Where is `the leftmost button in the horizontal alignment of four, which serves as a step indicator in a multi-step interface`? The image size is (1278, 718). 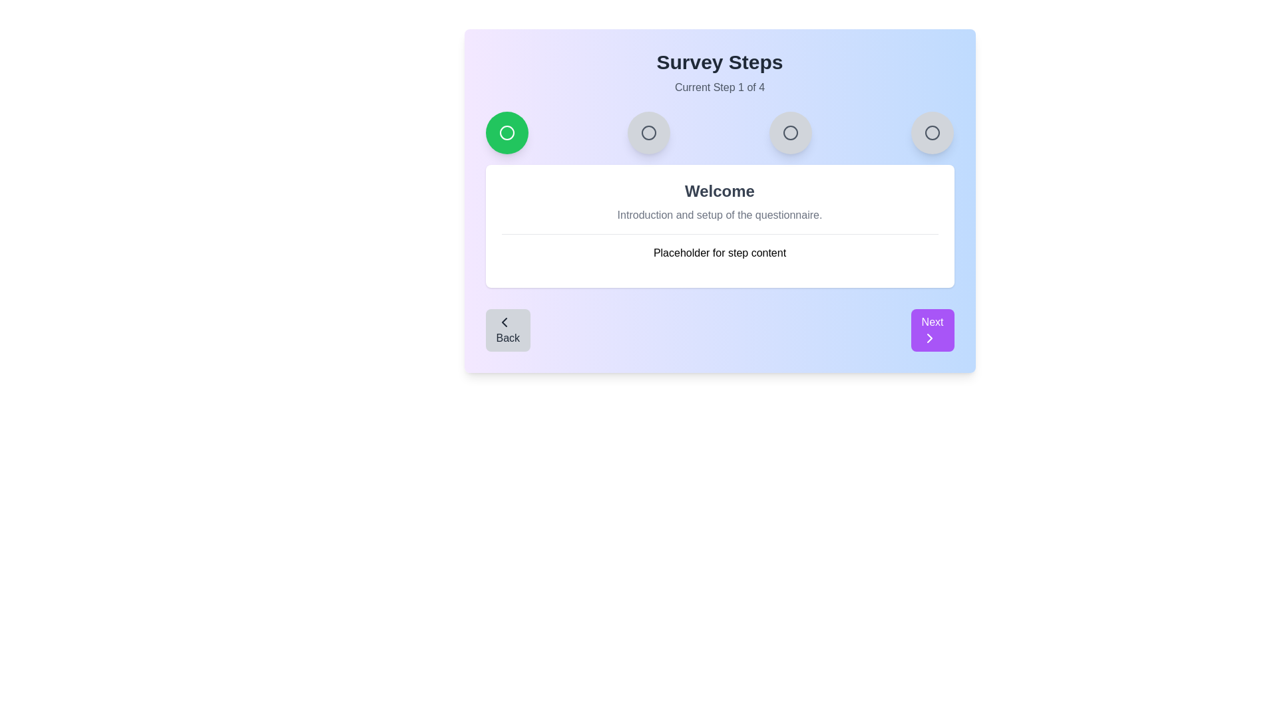
the leftmost button in the horizontal alignment of four, which serves as a step indicator in a multi-step interface is located at coordinates (506, 133).